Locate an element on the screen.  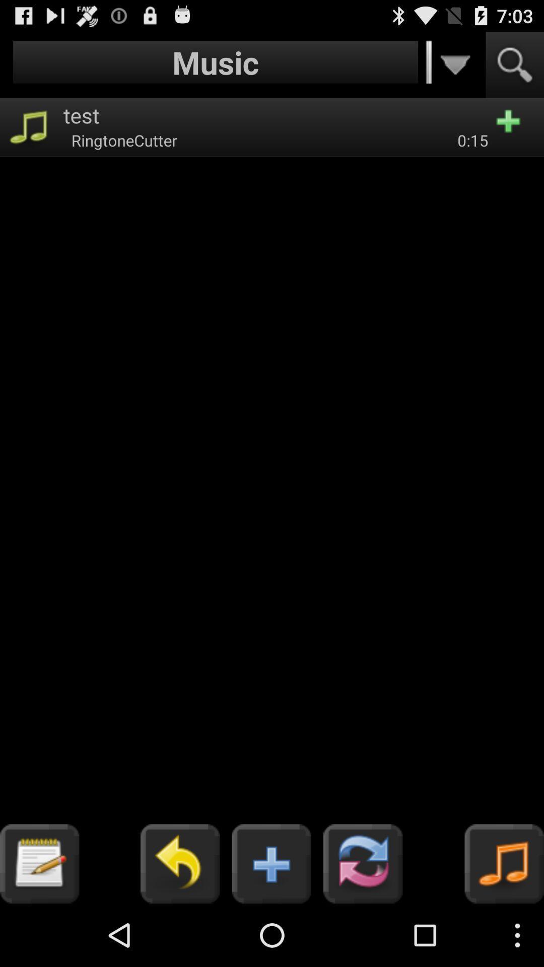
the search icon is located at coordinates (515, 69).